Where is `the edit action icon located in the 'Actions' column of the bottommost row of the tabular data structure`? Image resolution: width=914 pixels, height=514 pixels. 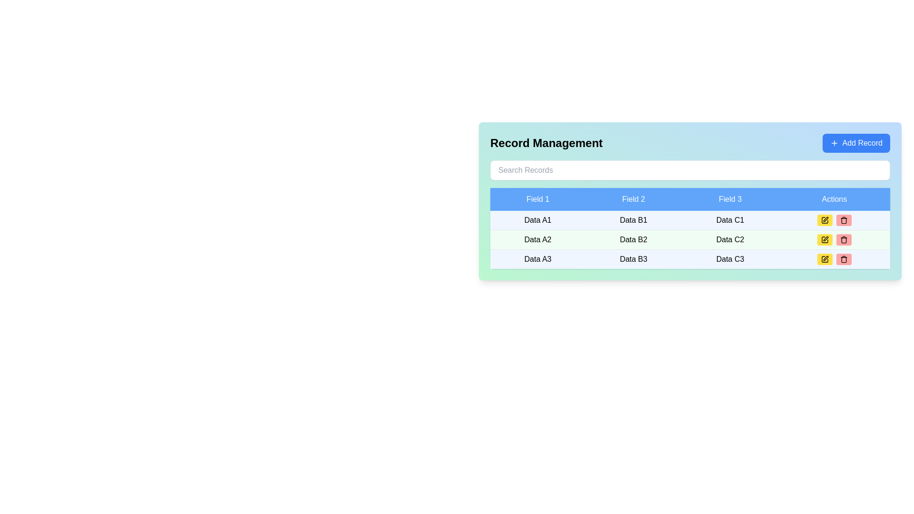 the edit action icon located in the 'Actions' column of the bottommost row of the tabular data structure is located at coordinates (824, 259).